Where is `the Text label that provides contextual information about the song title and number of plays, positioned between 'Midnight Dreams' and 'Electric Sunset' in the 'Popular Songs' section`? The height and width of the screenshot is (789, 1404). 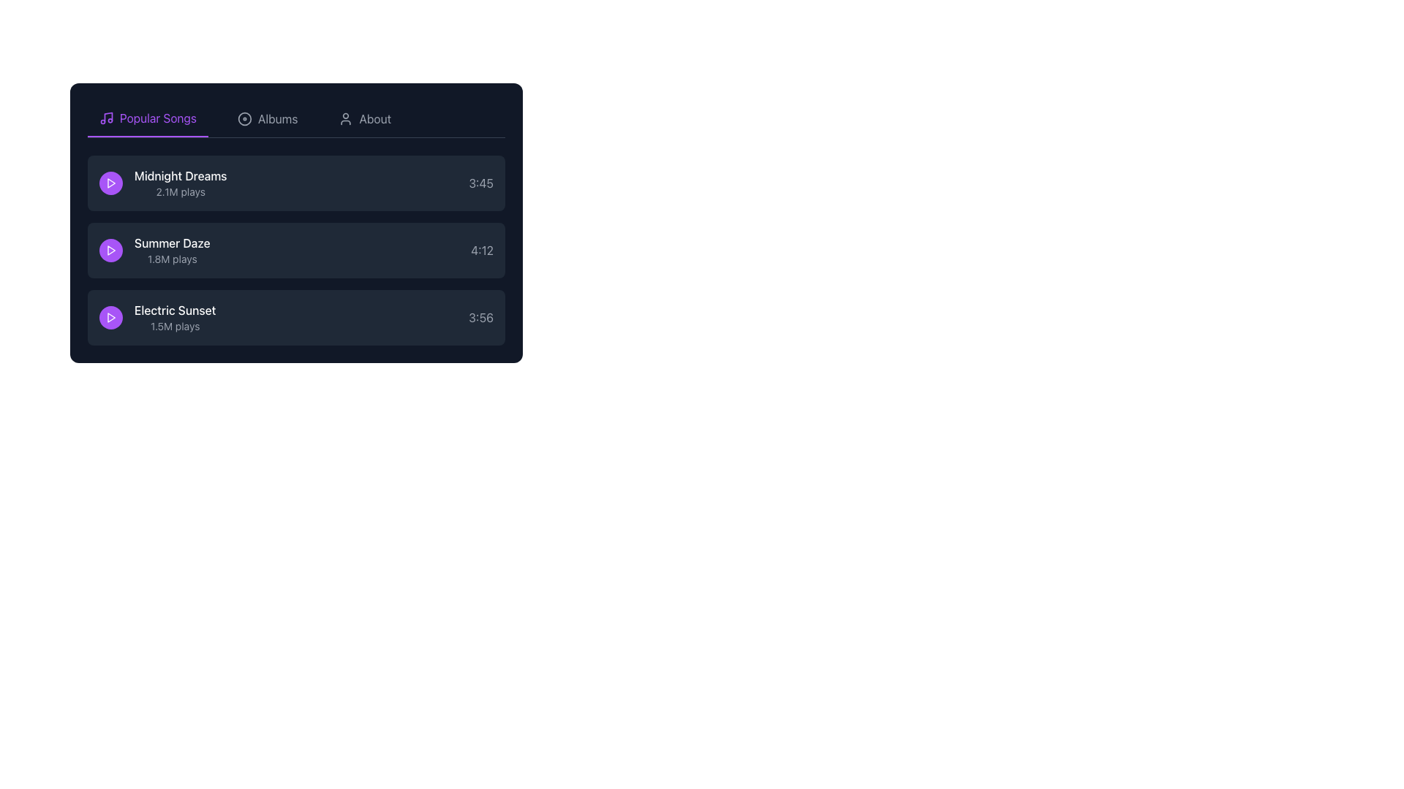 the Text label that provides contextual information about the song title and number of plays, positioned between 'Midnight Dreams' and 'Electric Sunset' in the 'Popular Songs' section is located at coordinates (172, 250).